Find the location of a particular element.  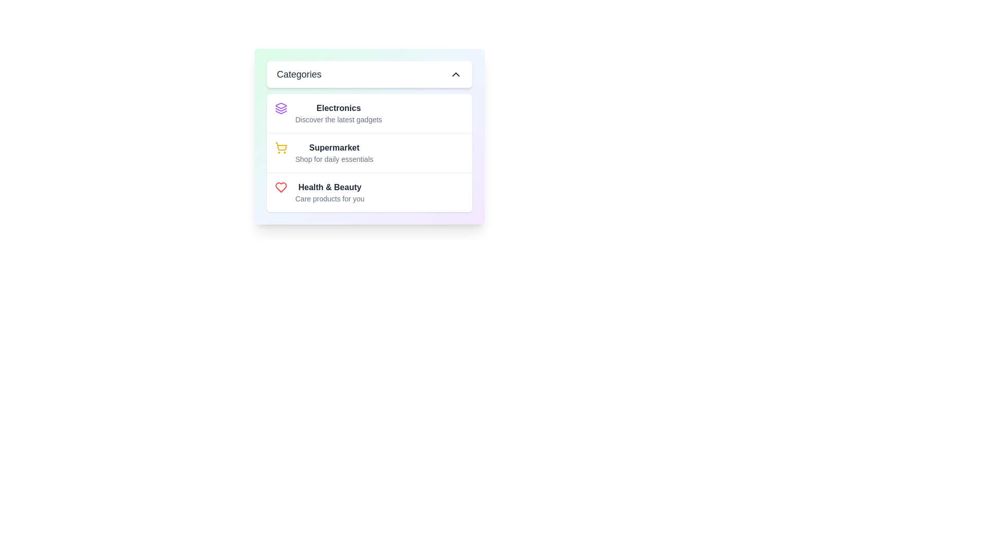

the static text label reading 'Care products for you' located within the 'Health & Beauty' section, which is directly below the bold title is located at coordinates (330, 198).